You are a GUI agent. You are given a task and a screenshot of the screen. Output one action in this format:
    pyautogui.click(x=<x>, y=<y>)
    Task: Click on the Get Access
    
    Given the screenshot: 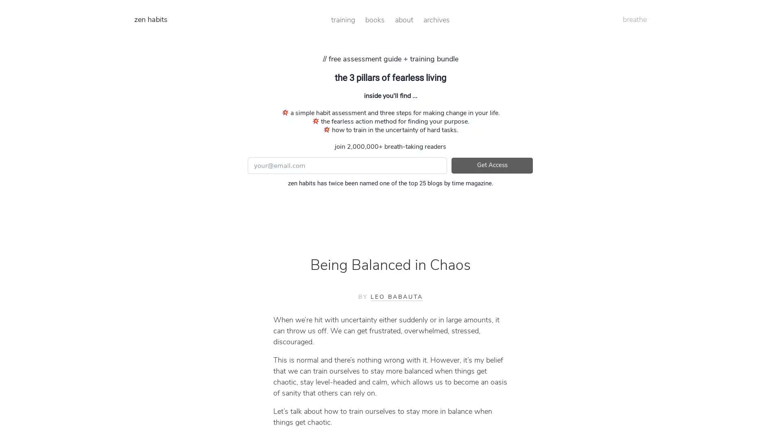 What is the action you would take?
    pyautogui.click(x=491, y=165)
    